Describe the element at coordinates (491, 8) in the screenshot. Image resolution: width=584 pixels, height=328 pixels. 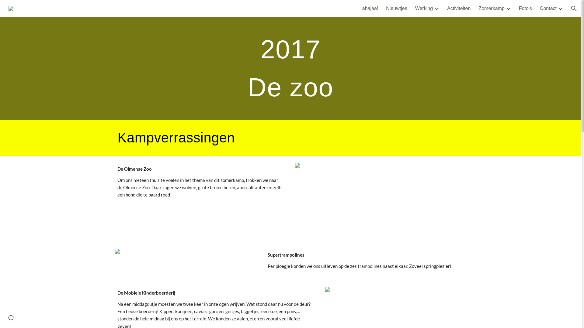
I see `'Zomerkamp'` at that location.